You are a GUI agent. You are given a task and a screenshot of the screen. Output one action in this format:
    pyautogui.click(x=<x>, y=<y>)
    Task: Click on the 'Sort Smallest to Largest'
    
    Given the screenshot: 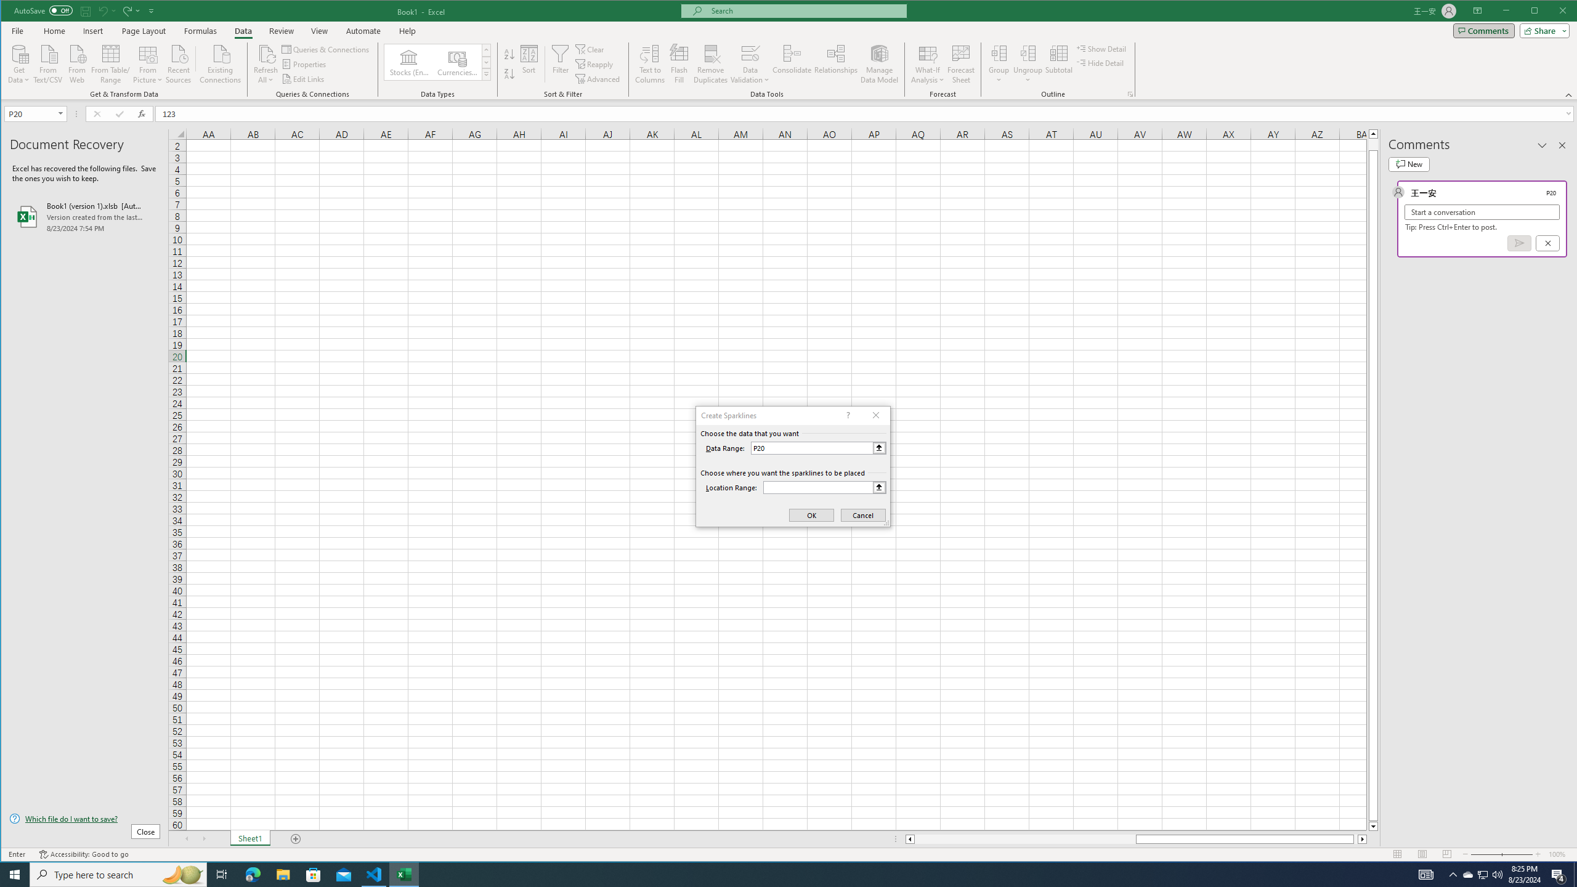 What is the action you would take?
    pyautogui.click(x=509, y=54)
    